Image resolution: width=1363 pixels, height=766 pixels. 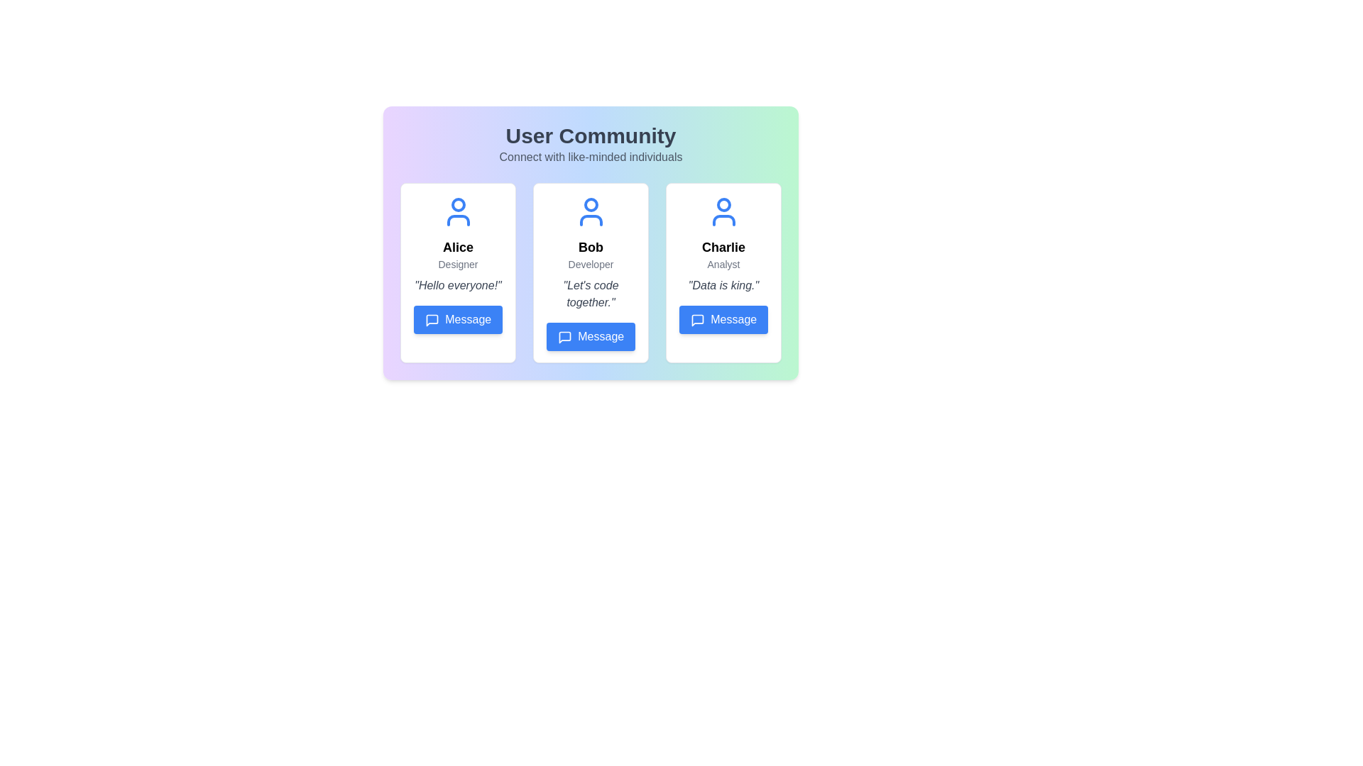 I want to click on the message initiation button located at the bottom of the user details card on the far right of the three horizontally aligned cards, so click(x=723, y=320).